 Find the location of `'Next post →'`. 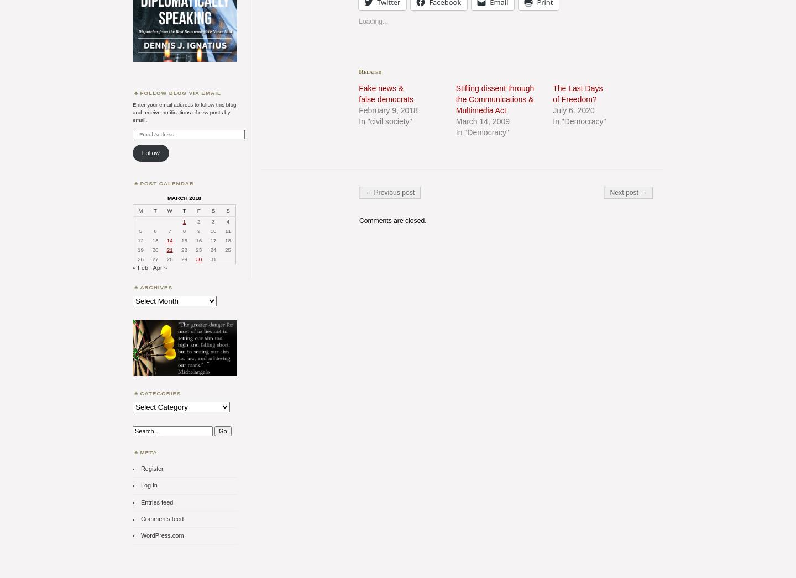

'Next post →' is located at coordinates (627, 192).